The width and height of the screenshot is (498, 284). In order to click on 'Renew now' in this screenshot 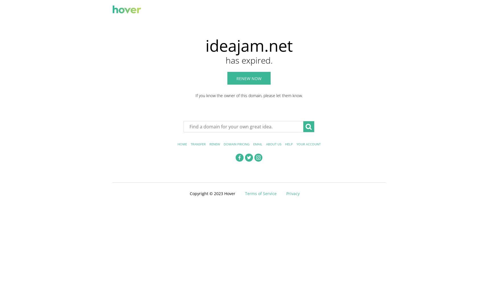, I will do `click(249, 78)`.